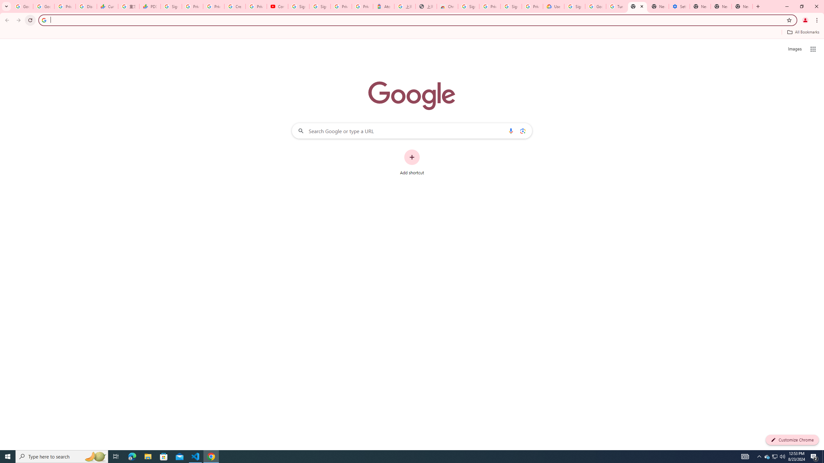 This screenshot has width=824, height=463. What do you see at coordinates (679, 6) in the screenshot?
I see `'Settings - System'` at bounding box center [679, 6].